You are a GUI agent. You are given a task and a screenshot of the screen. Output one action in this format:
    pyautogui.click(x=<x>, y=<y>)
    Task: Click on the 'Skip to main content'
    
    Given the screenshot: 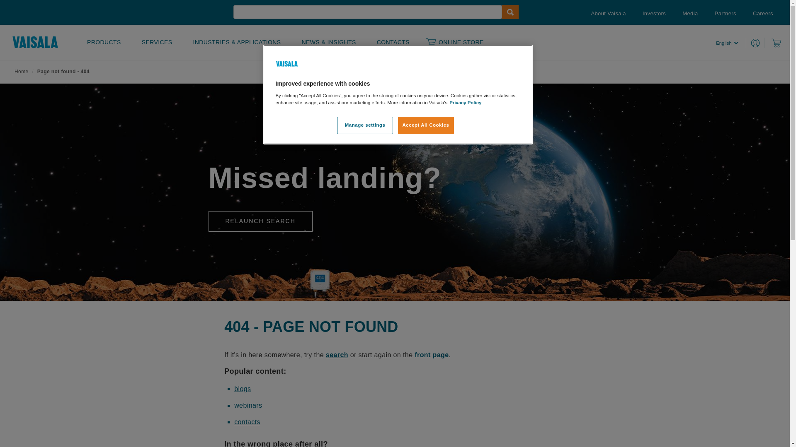 What is the action you would take?
    pyautogui.click(x=0, y=0)
    